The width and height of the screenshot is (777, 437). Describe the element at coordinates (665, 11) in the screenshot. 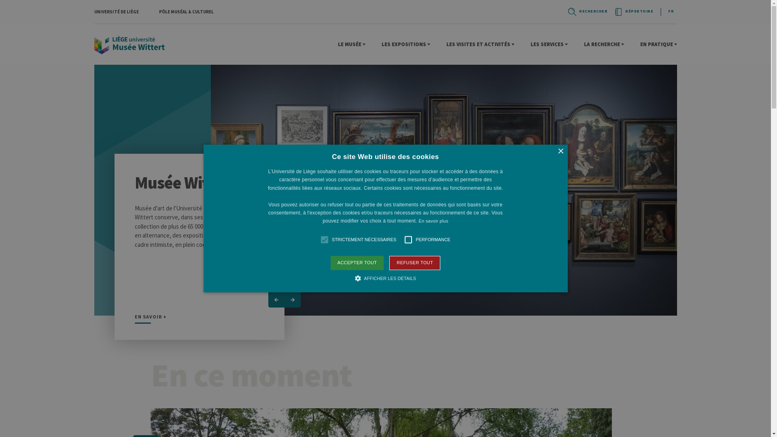

I see `'FR'` at that location.